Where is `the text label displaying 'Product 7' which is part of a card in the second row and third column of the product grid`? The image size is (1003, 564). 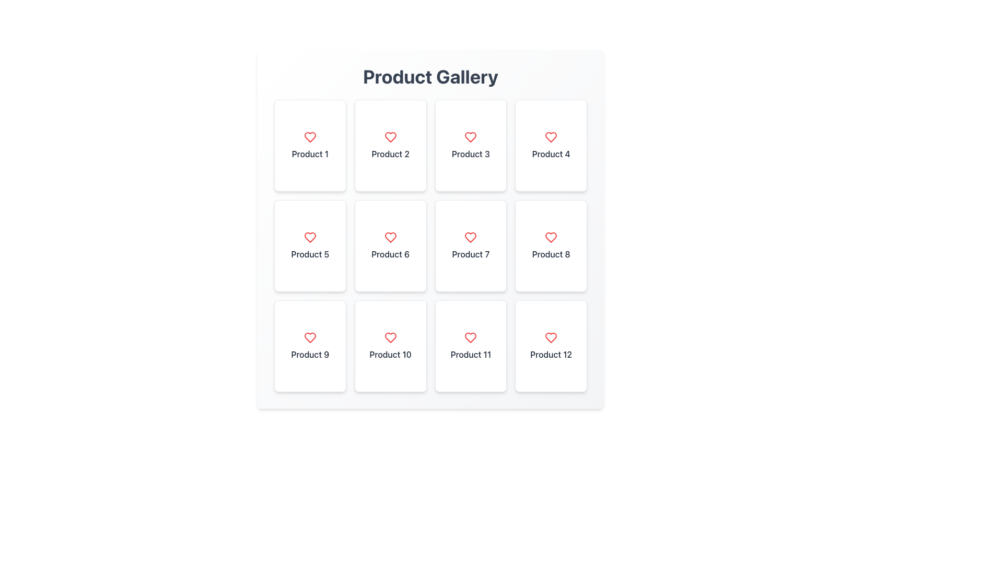
the text label displaying 'Product 7' which is part of a card in the second row and third column of the product grid is located at coordinates (470, 254).